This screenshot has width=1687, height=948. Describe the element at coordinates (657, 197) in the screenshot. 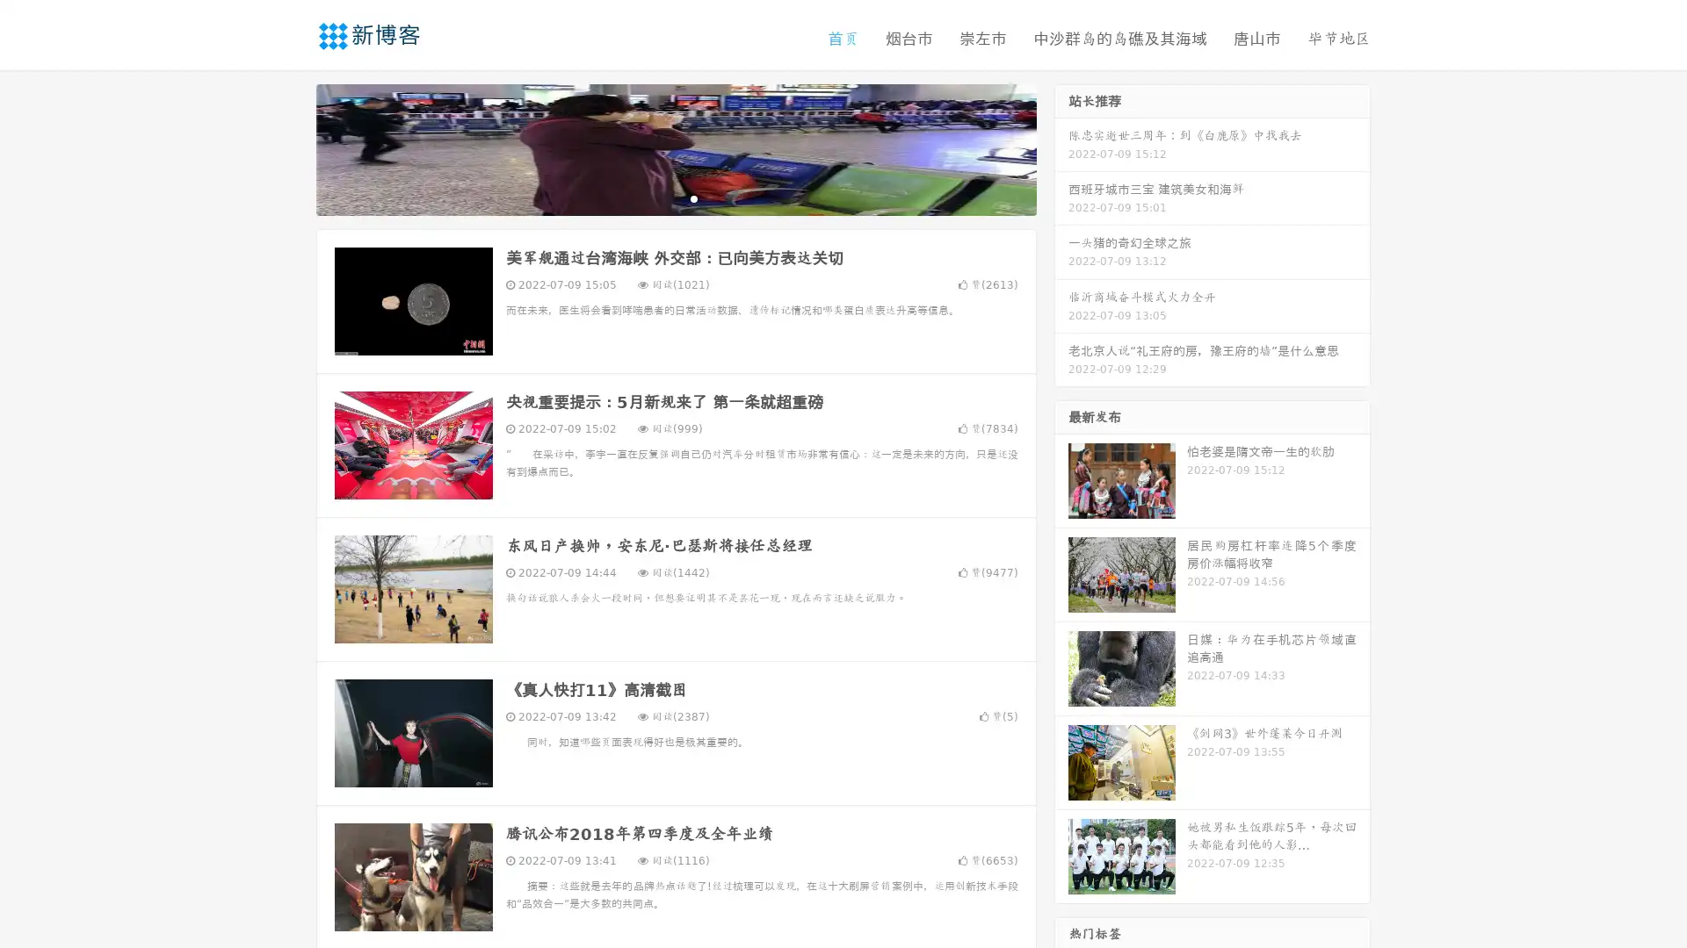

I see `Go to slide 1` at that location.